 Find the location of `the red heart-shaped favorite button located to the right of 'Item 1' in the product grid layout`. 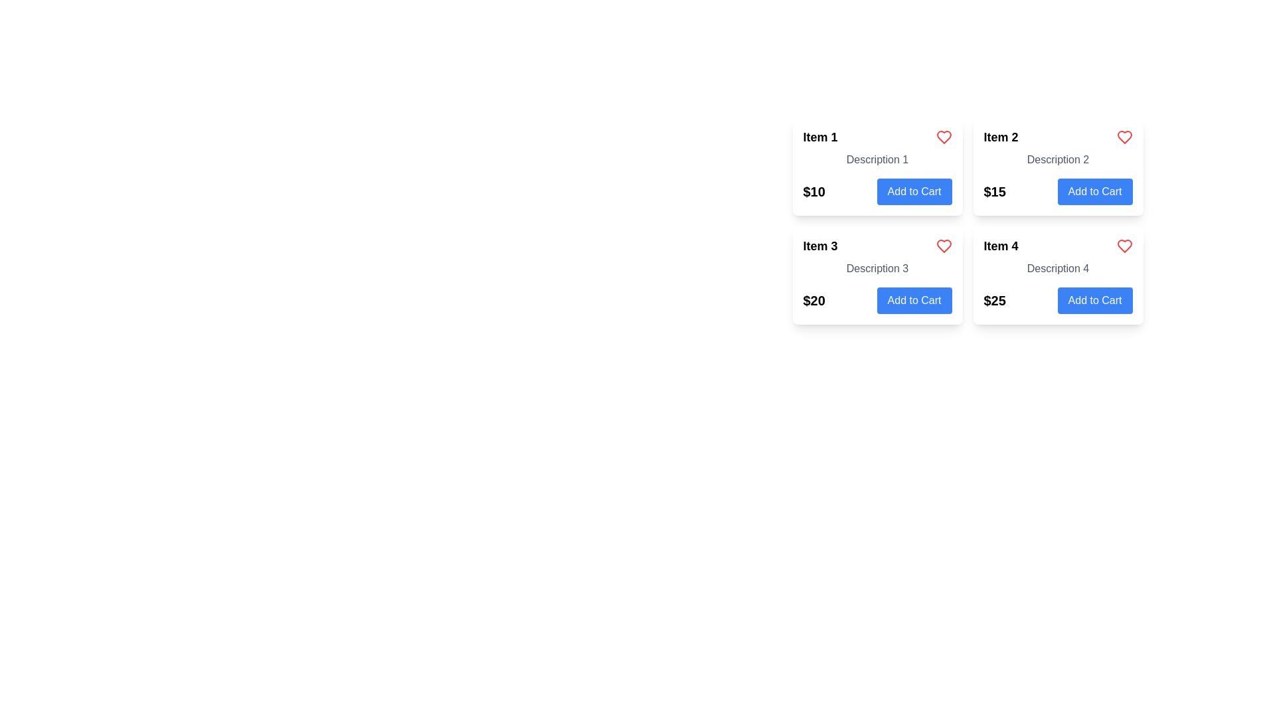

the red heart-shaped favorite button located to the right of 'Item 1' in the product grid layout is located at coordinates (943, 137).